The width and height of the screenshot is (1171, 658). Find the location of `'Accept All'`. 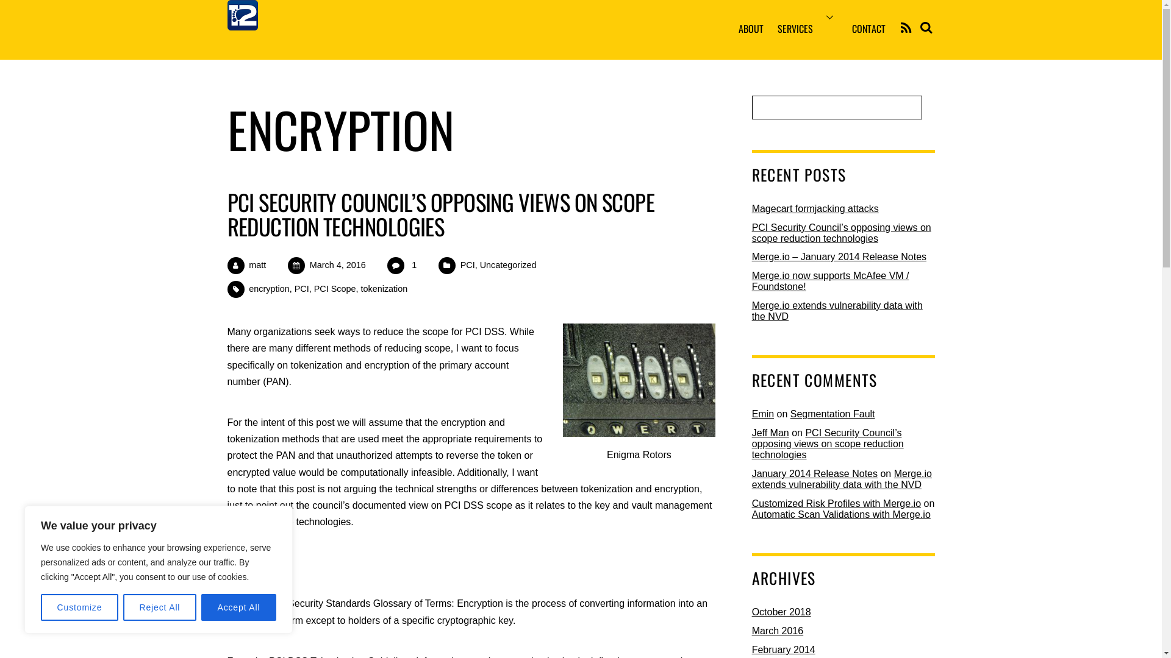

'Accept All' is located at coordinates (238, 607).